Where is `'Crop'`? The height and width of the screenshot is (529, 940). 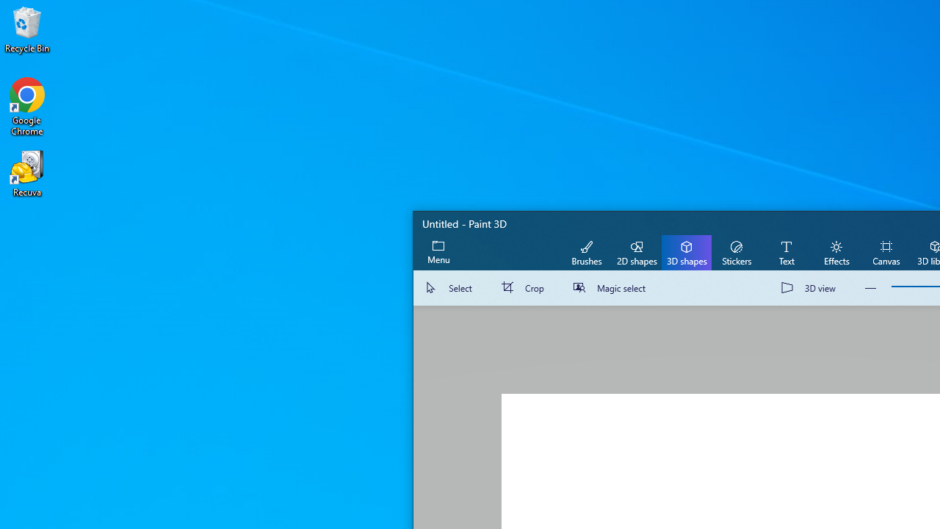 'Crop' is located at coordinates (526, 288).